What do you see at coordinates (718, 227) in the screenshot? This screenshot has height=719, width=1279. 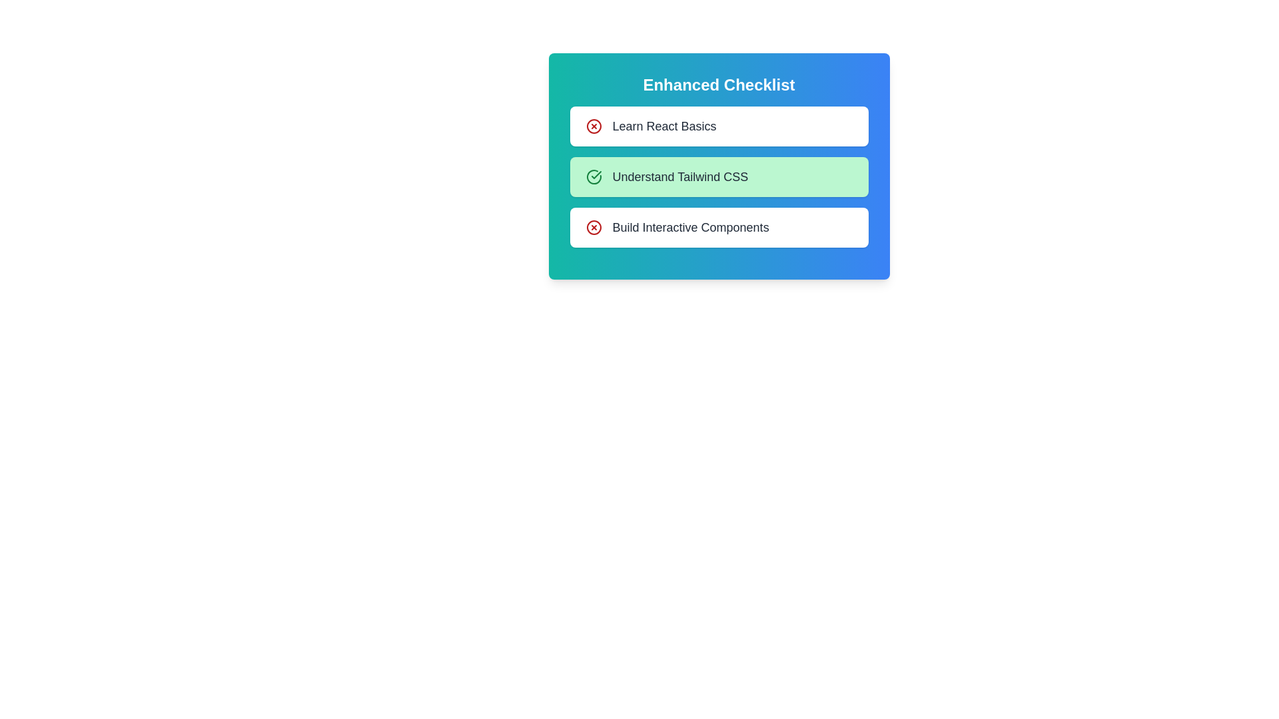 I see `the checklist item Build Interactive Components to observe its hover effect` at bounding box center [718, 227].